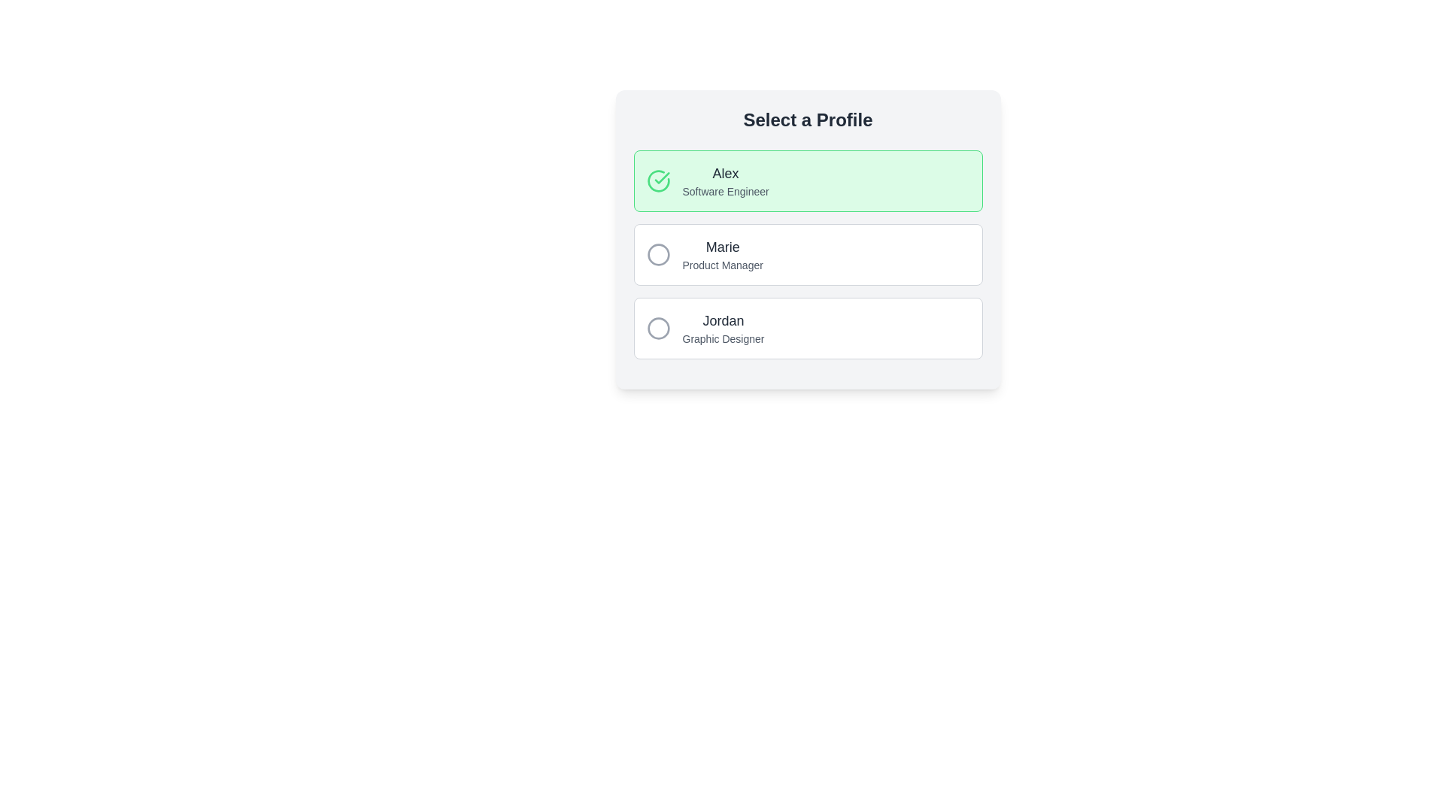 Image resolution: width=1444 pixels, height=812 pixels. What do you see at coordinates (723, 327) in the screenshot?
I see `the Text Display element showing 'Jordan' as the name and 'Graphic Designer' as the title, which is the third entry in the vertical list within a card component` at bounding box center [723, 327].